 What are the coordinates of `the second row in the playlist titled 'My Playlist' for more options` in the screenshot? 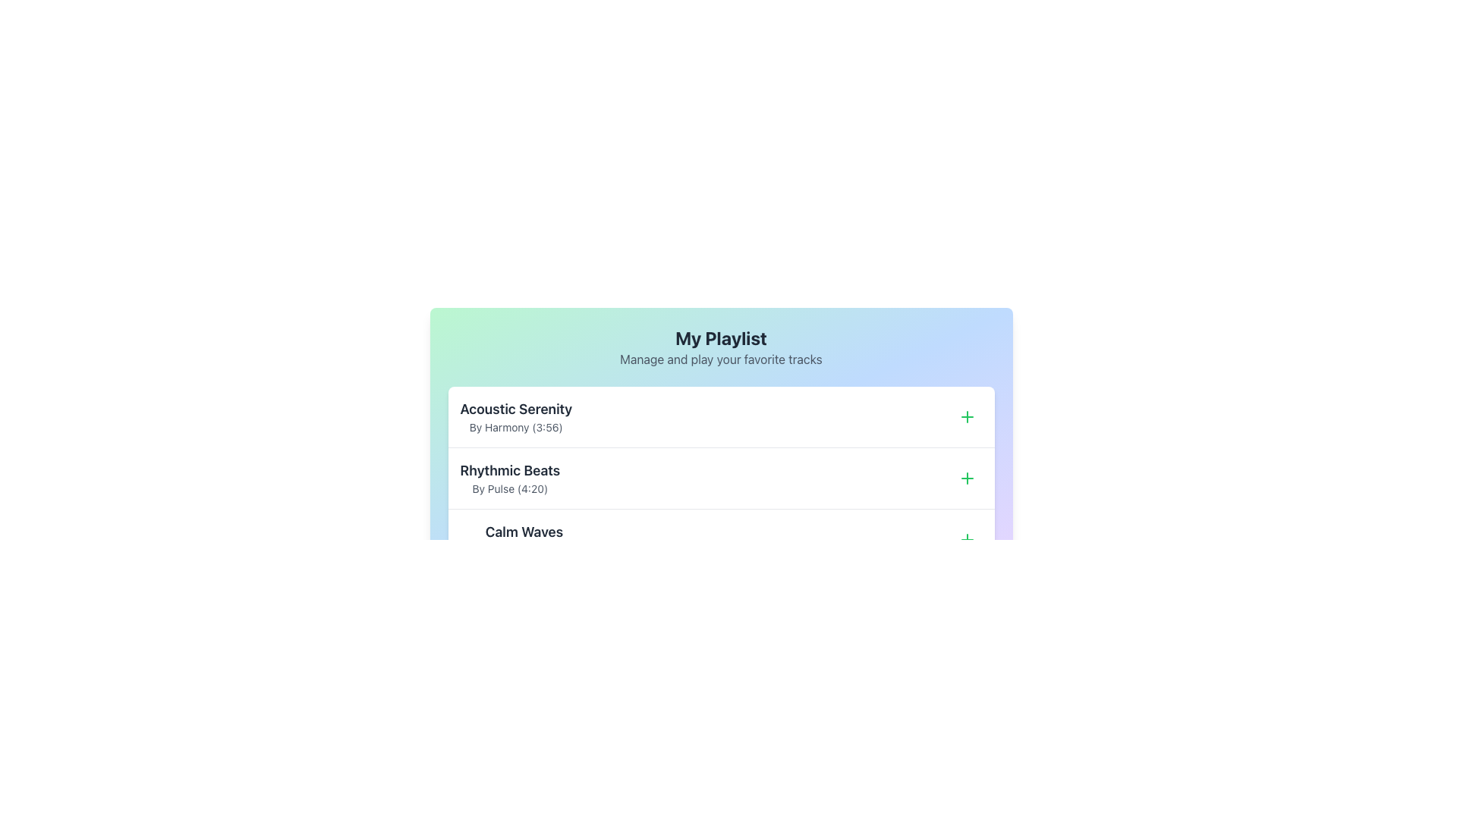 It's located at (720, 478).